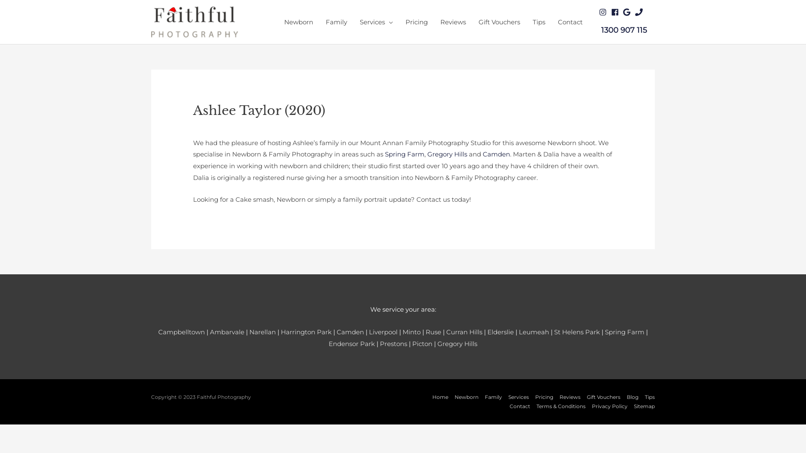 The height and width of the screenshot is (453, 806). What do you see at coordinates (496, 154) in the screenshot?
I see `'Camden'` at bounding box center [496, 154].